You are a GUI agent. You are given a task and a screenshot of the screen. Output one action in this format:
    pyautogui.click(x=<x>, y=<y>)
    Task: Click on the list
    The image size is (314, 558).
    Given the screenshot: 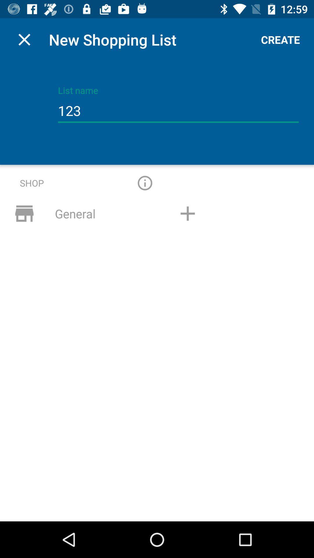 What is the action you would take?
    pyautogui.click(x=188, y=213)
    